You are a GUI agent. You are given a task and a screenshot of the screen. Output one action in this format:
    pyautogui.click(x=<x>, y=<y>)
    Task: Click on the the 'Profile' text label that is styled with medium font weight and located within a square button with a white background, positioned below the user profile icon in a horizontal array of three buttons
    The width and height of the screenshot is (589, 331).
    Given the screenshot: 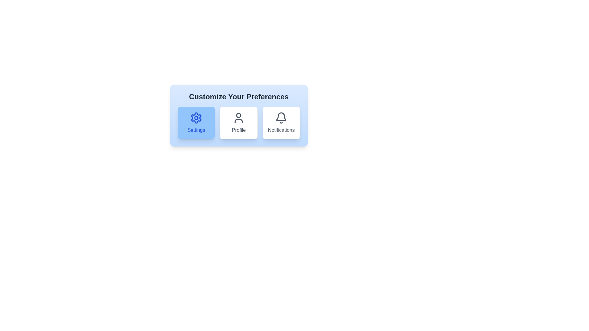 What is the action you would take?
    pyautogui.click(x=238, y=130)
    